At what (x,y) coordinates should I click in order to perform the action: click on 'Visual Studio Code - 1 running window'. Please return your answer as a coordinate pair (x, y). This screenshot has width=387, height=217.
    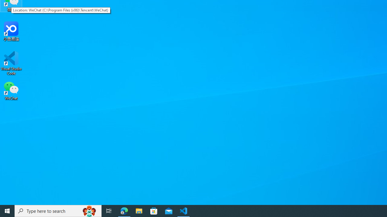
    Looking at the image, I should click on (183, 210).